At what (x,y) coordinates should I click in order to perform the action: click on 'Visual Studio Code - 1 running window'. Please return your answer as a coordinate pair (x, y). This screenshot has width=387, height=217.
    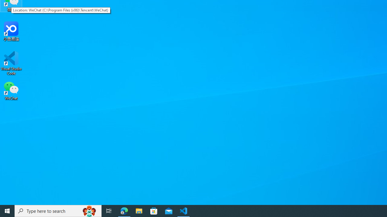
    Looking at the image, I should click on (183, 210).